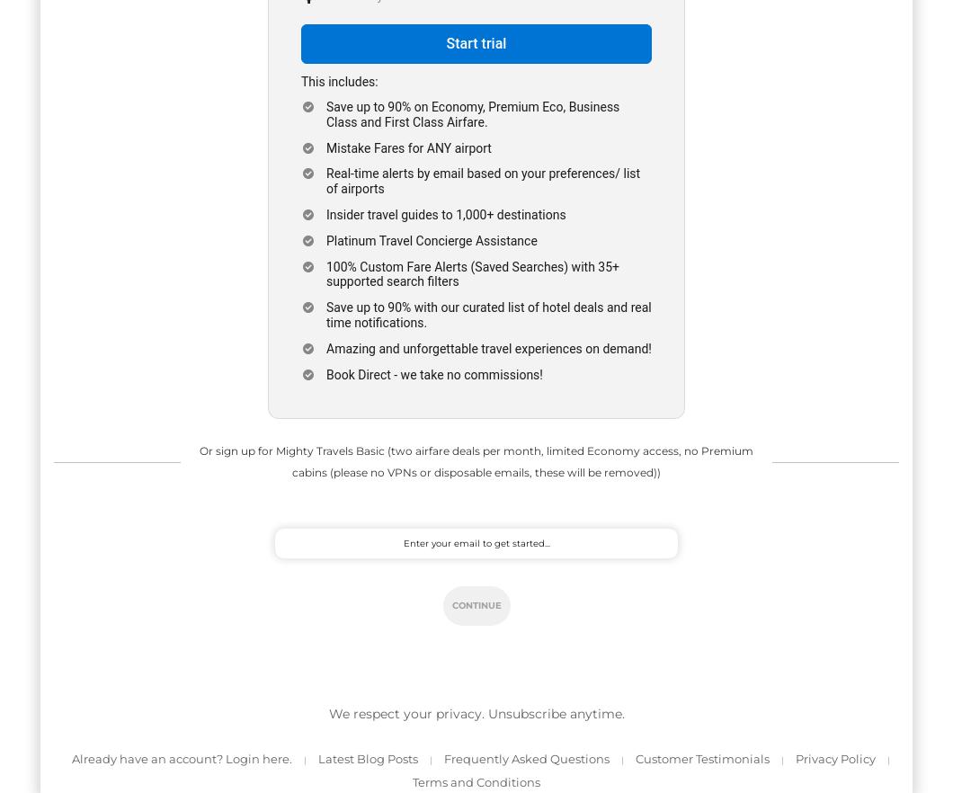 The height and width of the screenshot is (793, 953). What do you see at coordinates (834, 758) in the screenshot?
I see `'Privacy Policy'` at bounding box center [834, 758].